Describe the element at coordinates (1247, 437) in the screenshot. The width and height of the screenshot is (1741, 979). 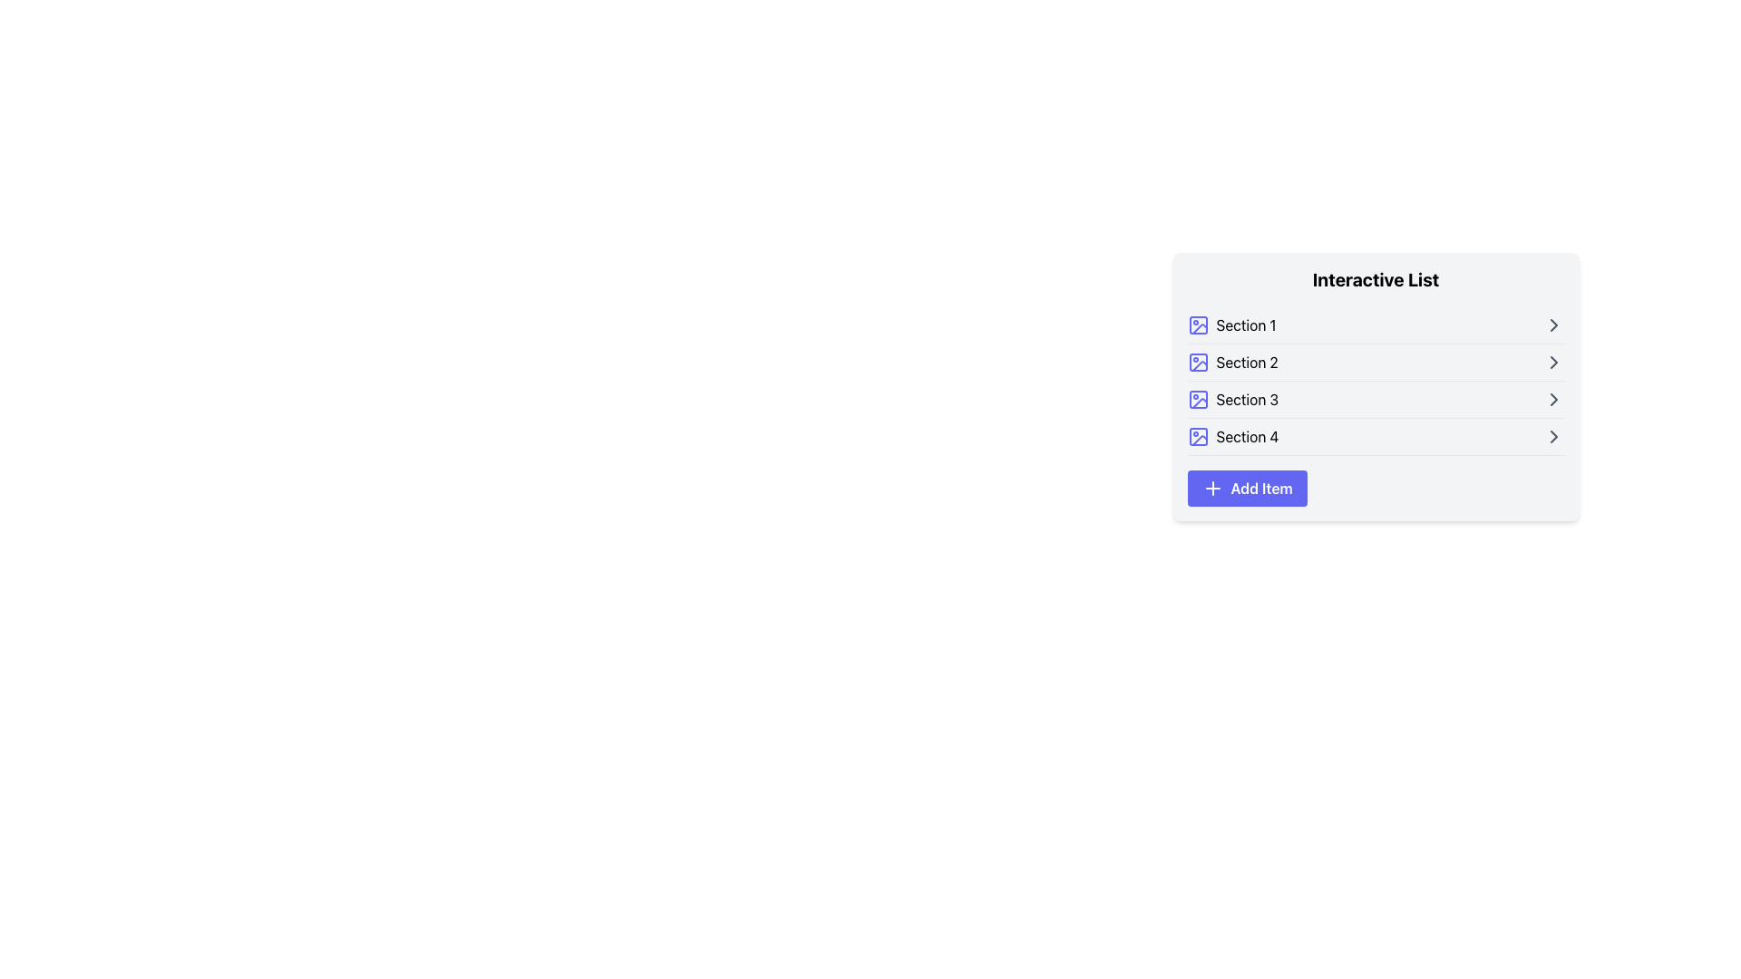
I see `the static text label 'Section 4', which is displayed in a bold, dark font and is the fourth item in a vertical list of sections, positioned to the right of an icon` at that location.